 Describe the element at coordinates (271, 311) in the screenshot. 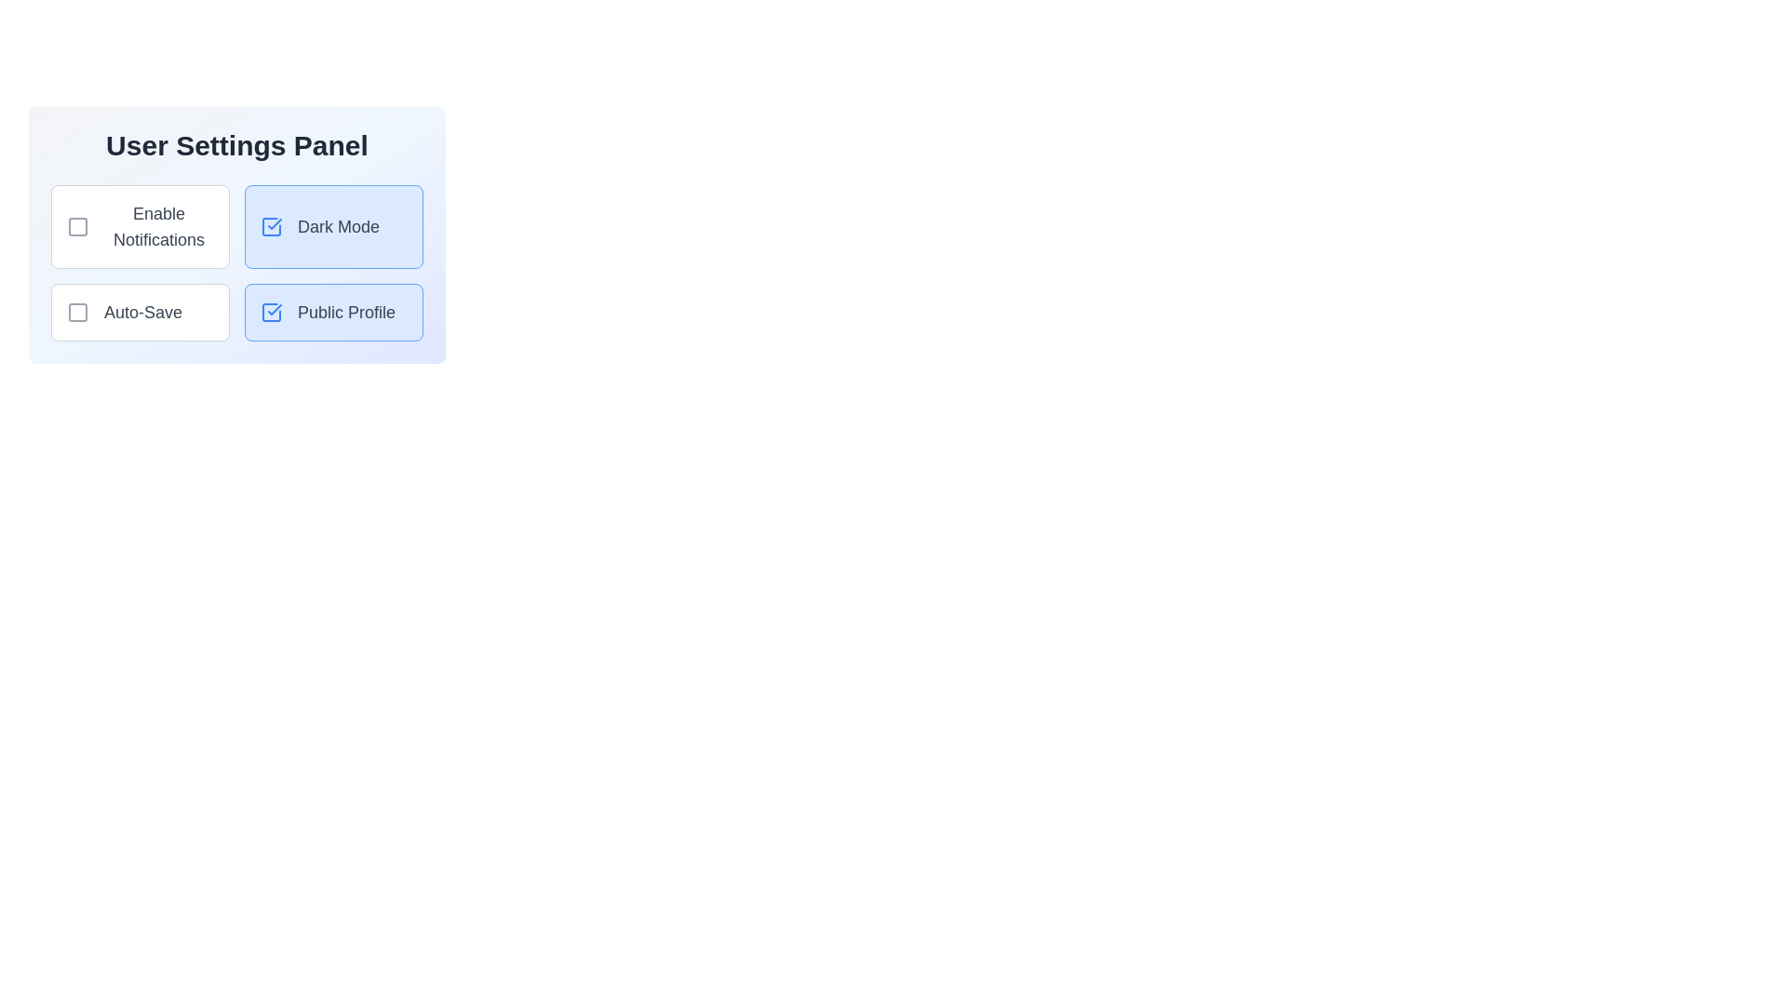

I see `the blue outlined checkmark icon located to the left of the 'Public Profile' text within the 'Public Profile' button` at that location.